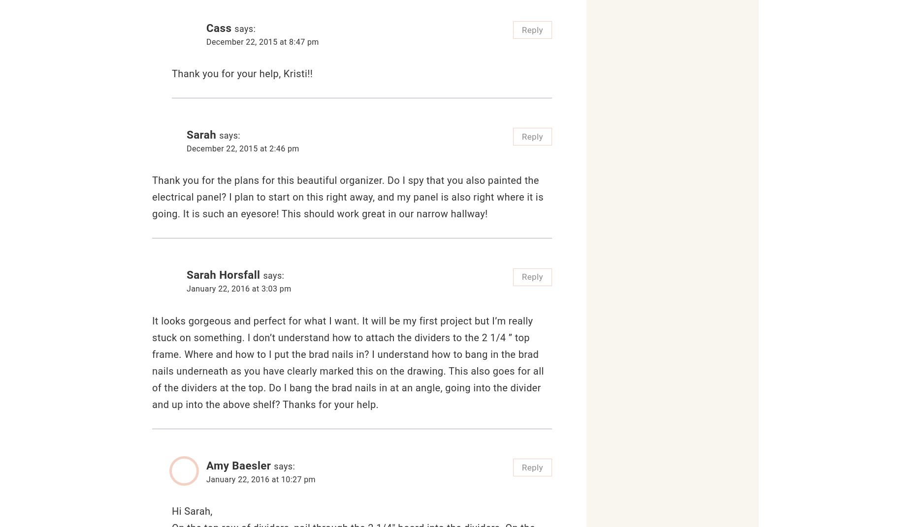  I want to click on 'It looks gorgeous and perfect for what I want.  It will be my first project but I’m really stuck on something.  I don’t understand how to attach the dividers to the 2 1/4 ” top frame.  Where and how to I put the brad nails in?  I understand how to bang in the brad nails underneath as you have clearly marked this on the drawing.  This also goes for all of the dividers at the top.  Do I bang the brad nails in at an angle, going into the divider and up into the above shelf?  Thanks for your help.', so click(348, 362).